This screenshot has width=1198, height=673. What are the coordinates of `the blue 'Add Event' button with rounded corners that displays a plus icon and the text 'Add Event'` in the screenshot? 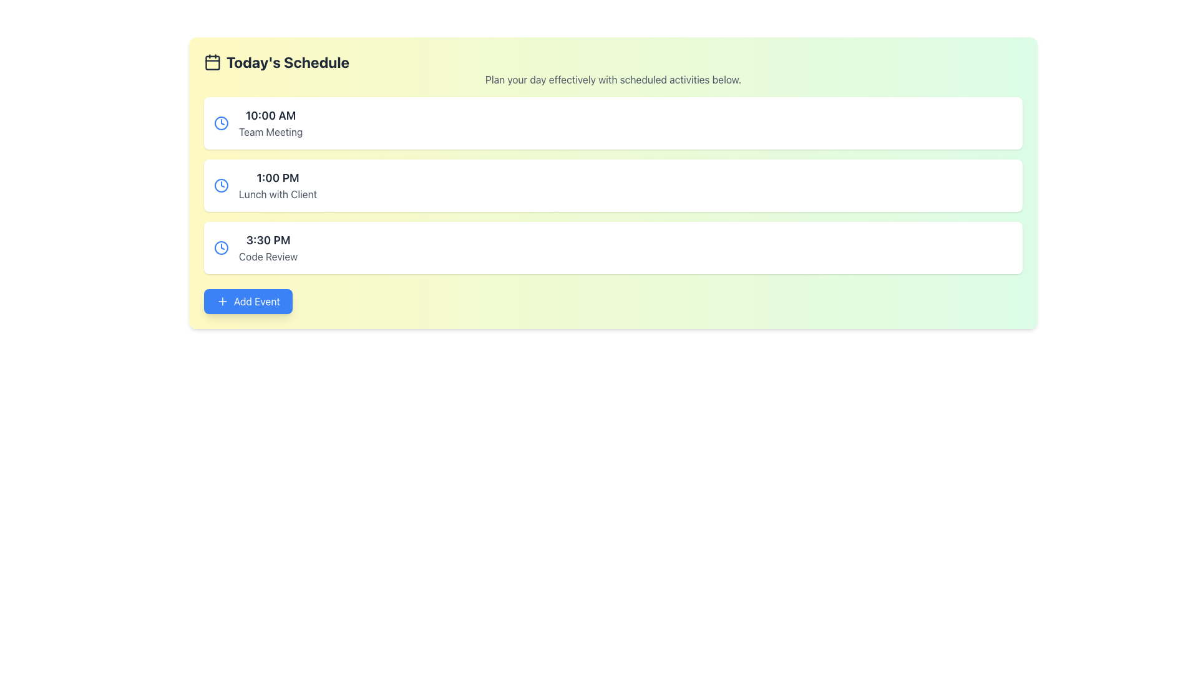 It's located at (248, 301).